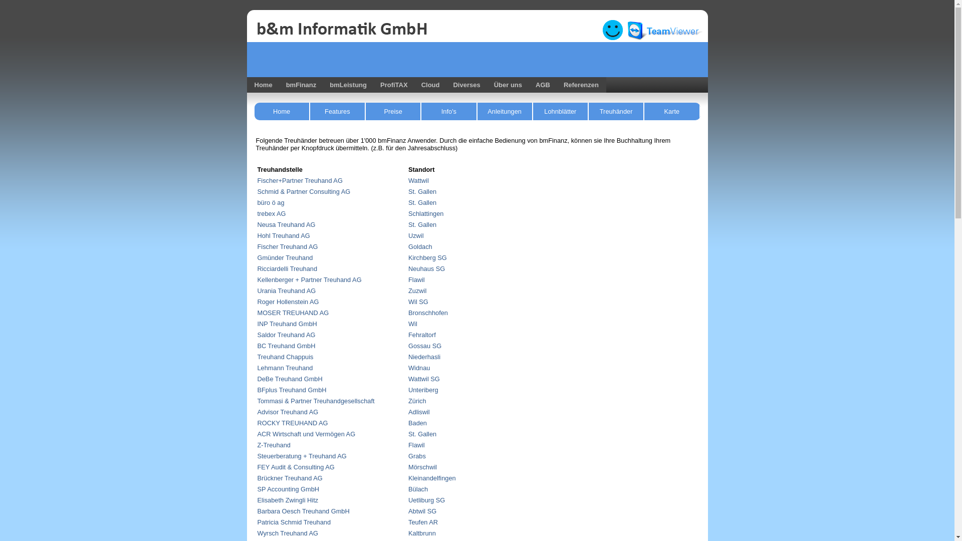 The width and height of the screenshot is (962, 541). What do you see at coordinates (348, 84) in the screenshot?
I see `'bmLeistung'` at bounding box center [348, 84].